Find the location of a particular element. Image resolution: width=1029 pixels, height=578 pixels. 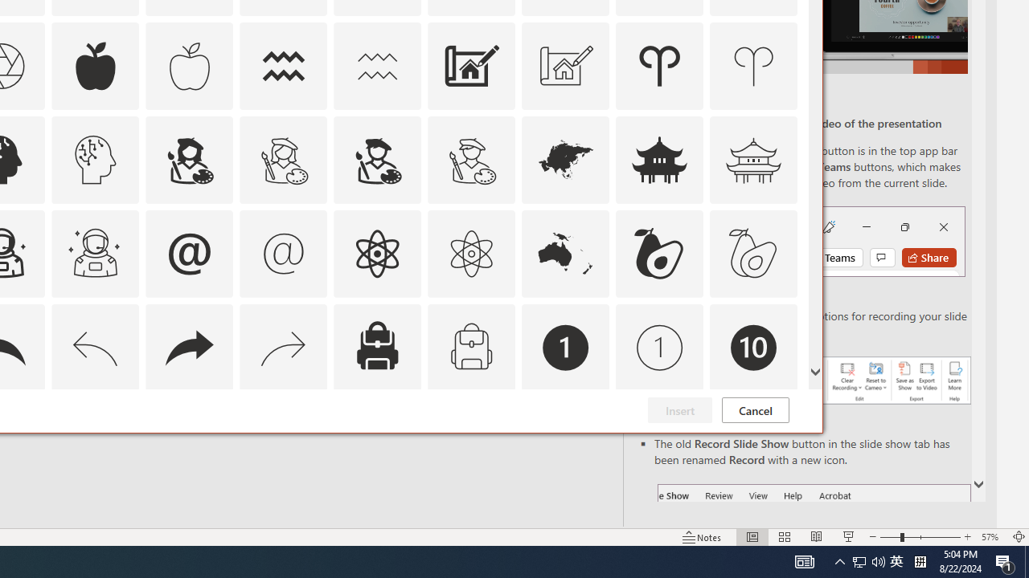

'AutomationID: Icons_At' is located at coordinates (189, 253).